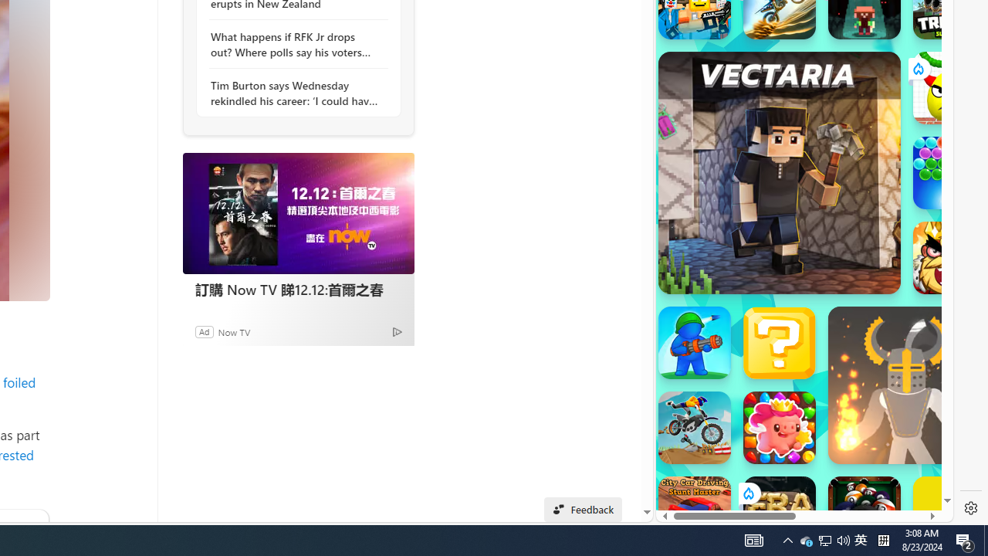 This screenshot has height=556, width=988. What do you see at coordinates (693, 428) in the screenshot?
I see `'Crazy Bikes Crazy Bikes'` at bounding box center [693, 428].